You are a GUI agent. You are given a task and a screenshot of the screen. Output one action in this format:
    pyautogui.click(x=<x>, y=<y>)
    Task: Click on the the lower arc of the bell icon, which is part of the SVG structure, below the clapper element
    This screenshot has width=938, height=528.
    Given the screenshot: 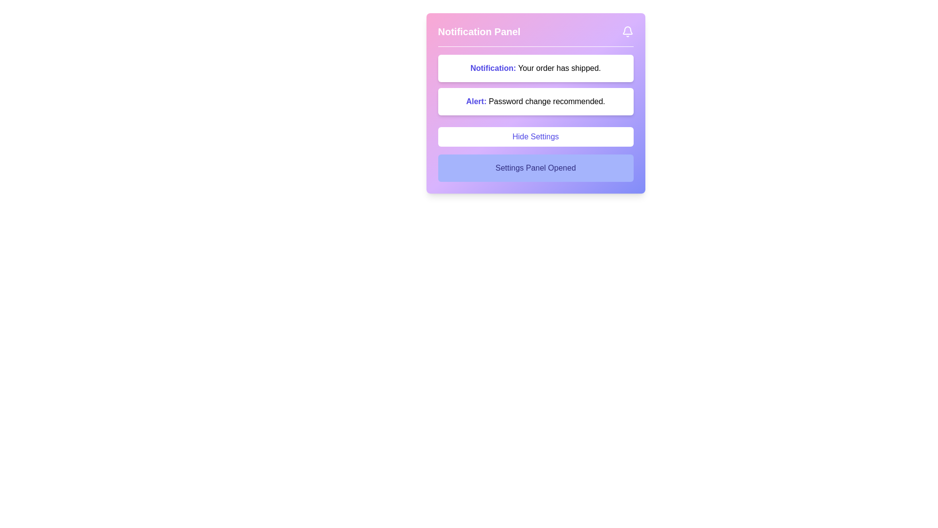 What is the action you would take?
    pyautogui.click(x=627, y=30)
    